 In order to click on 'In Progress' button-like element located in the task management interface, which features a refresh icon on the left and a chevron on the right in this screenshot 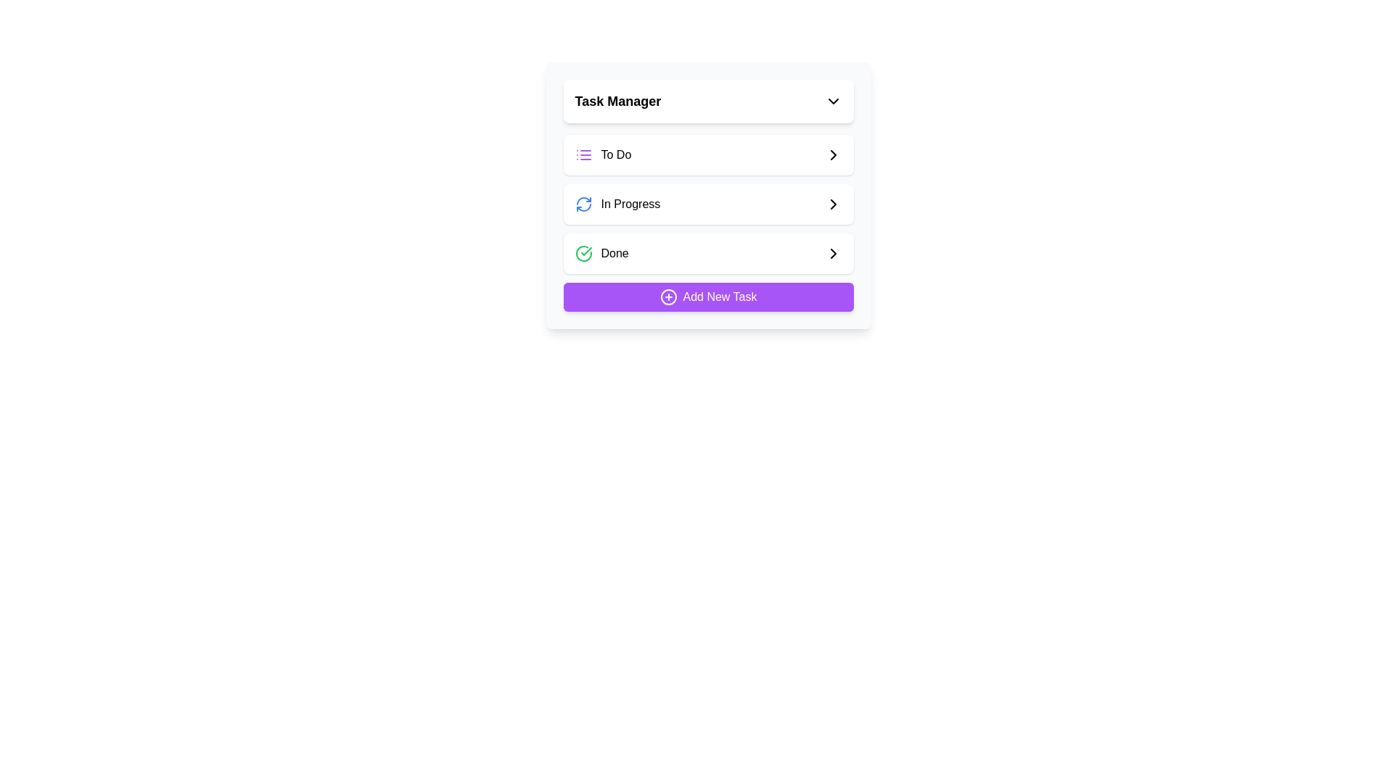, I will do `click(708, 204)`.